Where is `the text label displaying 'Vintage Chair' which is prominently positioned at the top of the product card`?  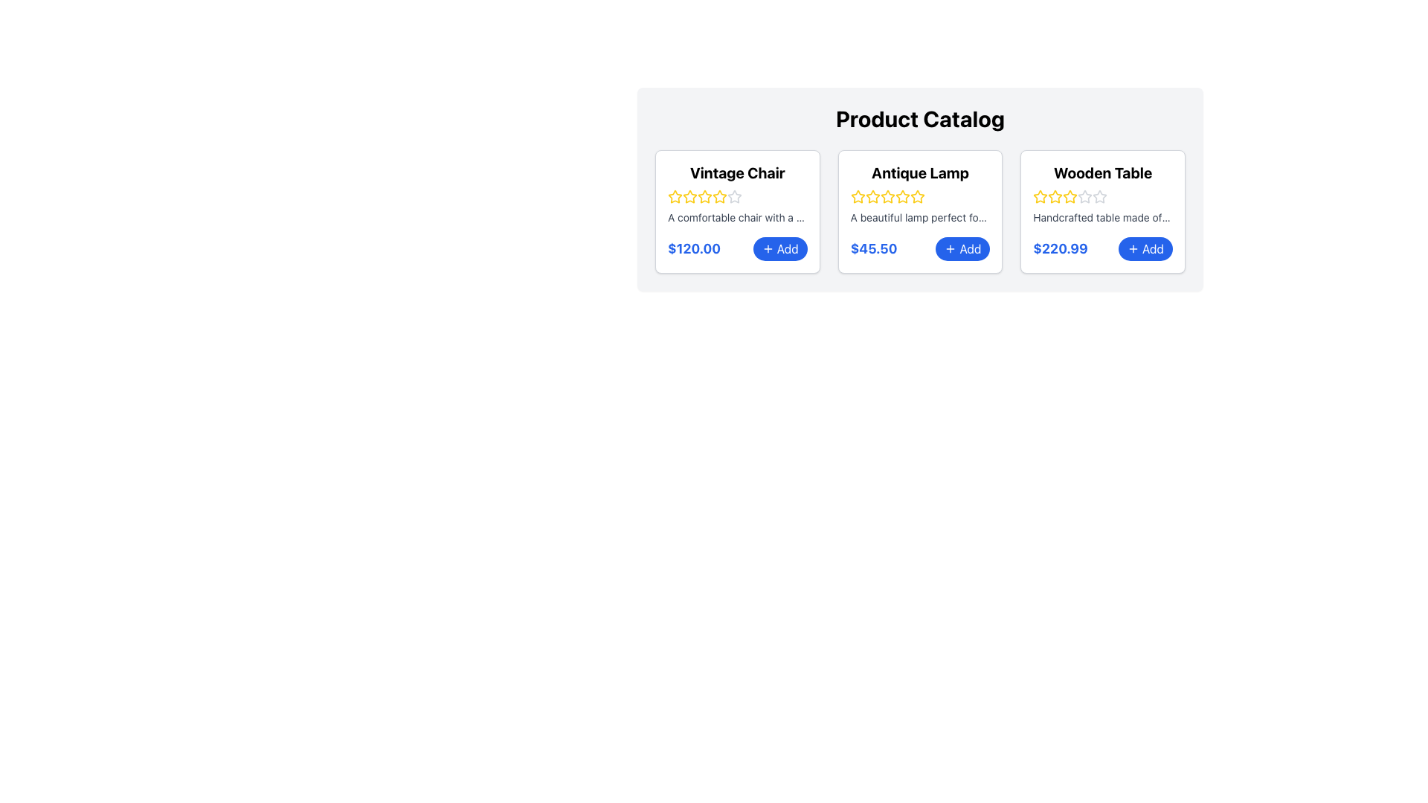
the text label displaying 'Vintage Chair' which is prominently positioned at the top of the product card is located at coordinates (737, 172).